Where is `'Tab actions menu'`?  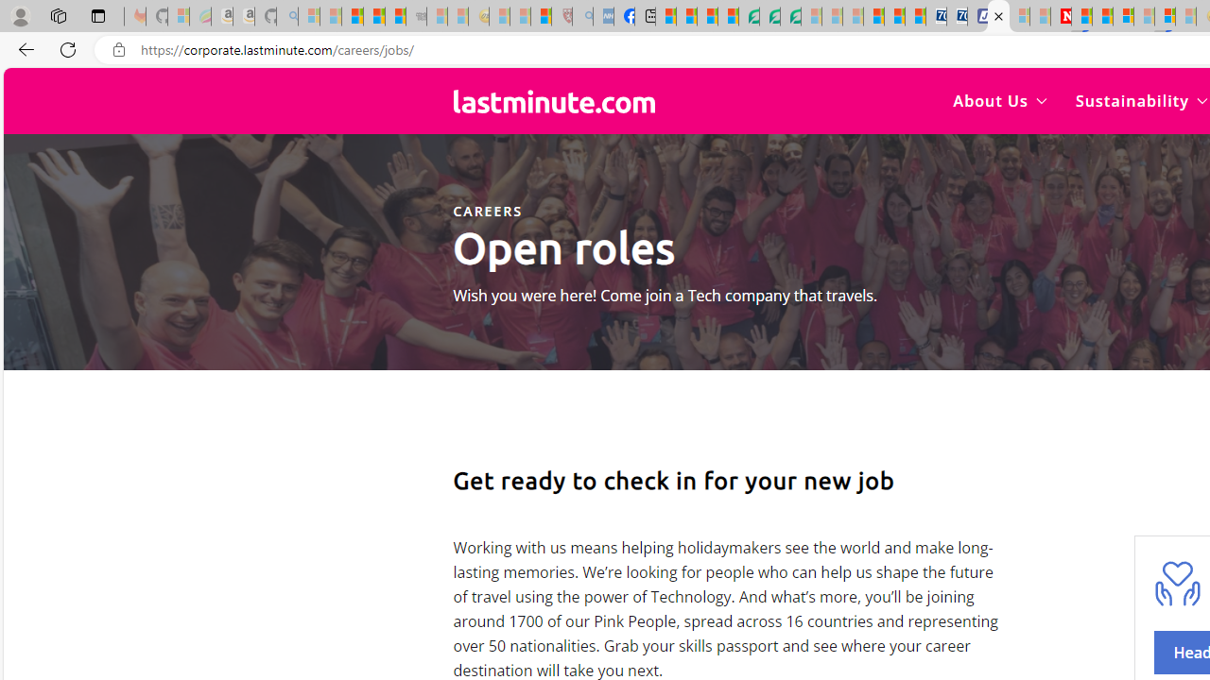 'Tab actions menu' is located at coordinates (97, 15).